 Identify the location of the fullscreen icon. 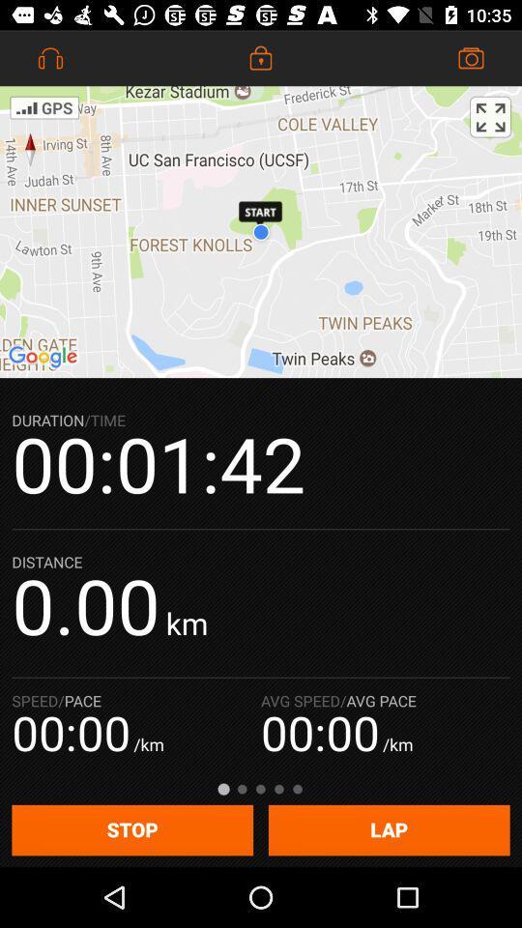
(490, 116).